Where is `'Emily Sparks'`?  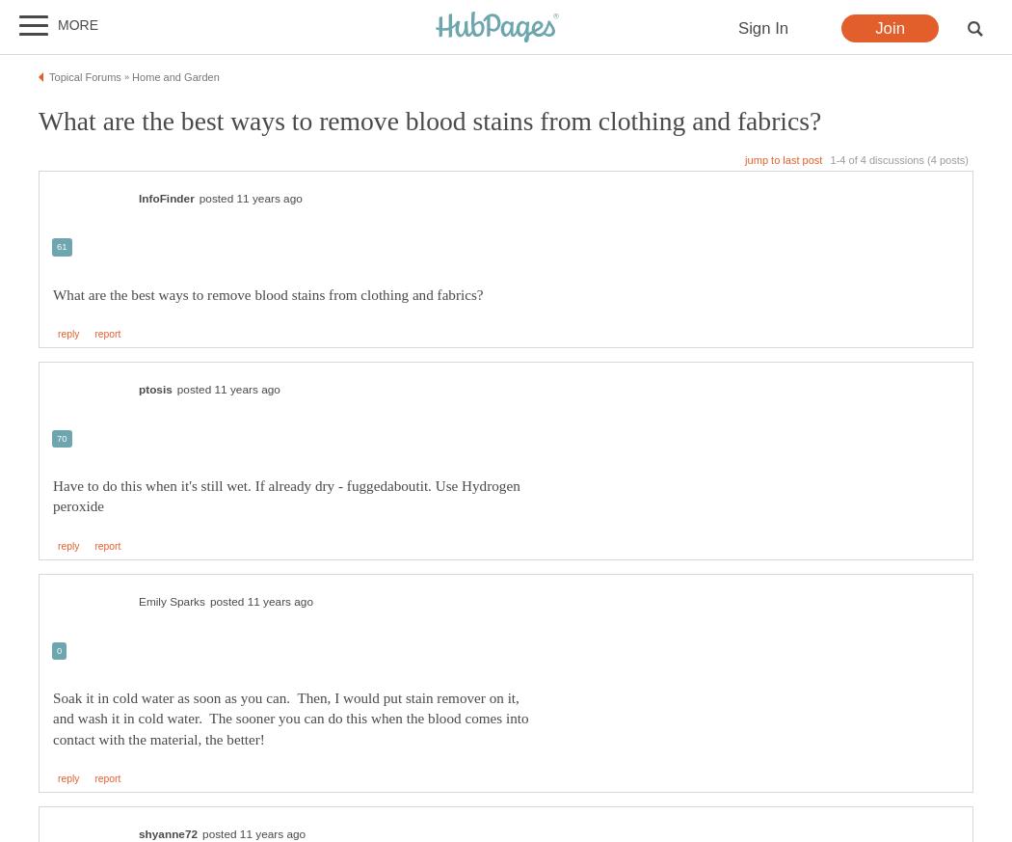 'Emily Sparks' is located at coordinates (171, 602).